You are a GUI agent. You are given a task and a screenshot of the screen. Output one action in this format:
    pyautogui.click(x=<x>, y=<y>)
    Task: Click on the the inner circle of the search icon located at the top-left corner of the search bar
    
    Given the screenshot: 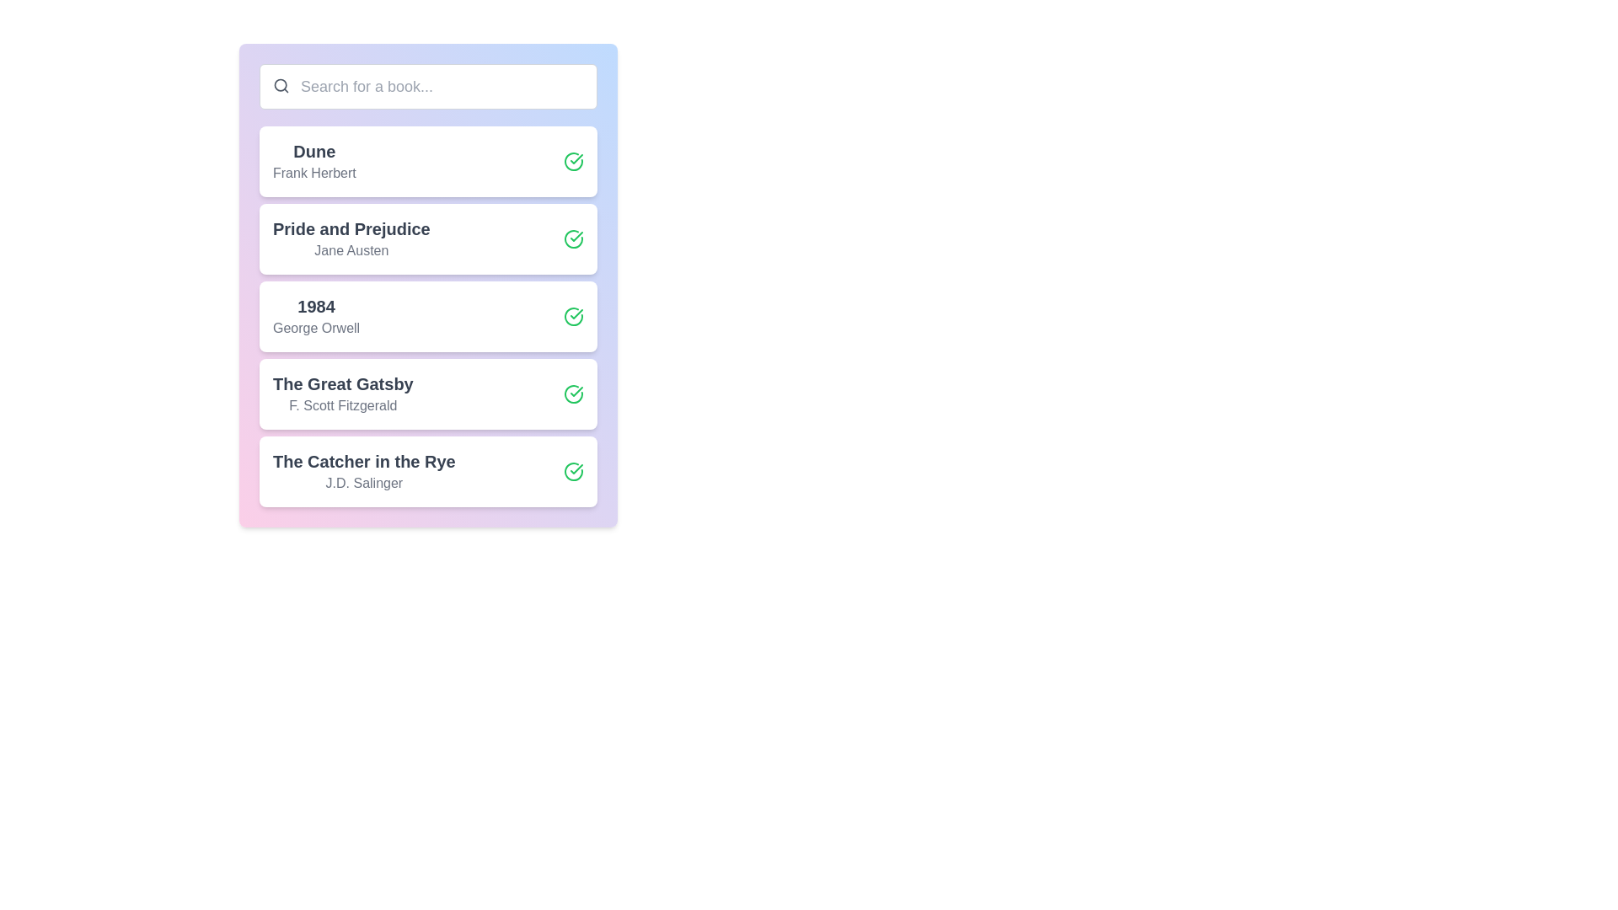 What is the action you would take?
    pyautogui.click(x=281, y=85)
    